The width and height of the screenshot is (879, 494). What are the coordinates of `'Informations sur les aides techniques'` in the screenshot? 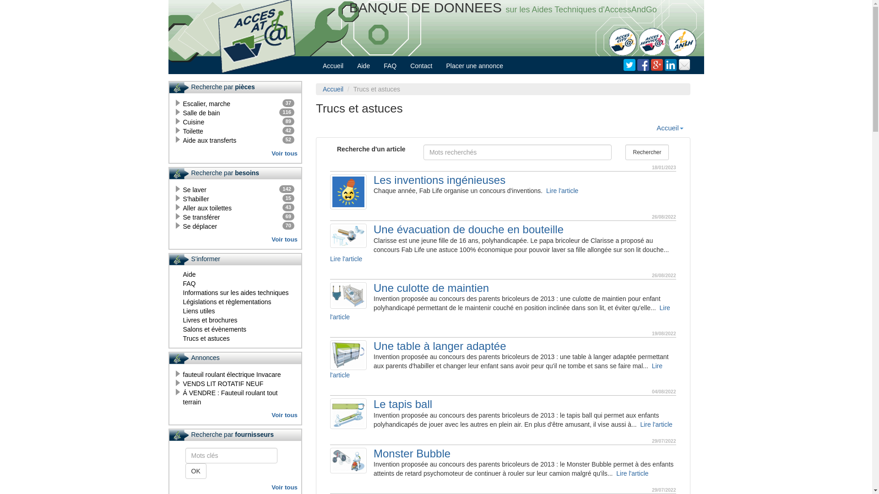 It's located at (236, 293).